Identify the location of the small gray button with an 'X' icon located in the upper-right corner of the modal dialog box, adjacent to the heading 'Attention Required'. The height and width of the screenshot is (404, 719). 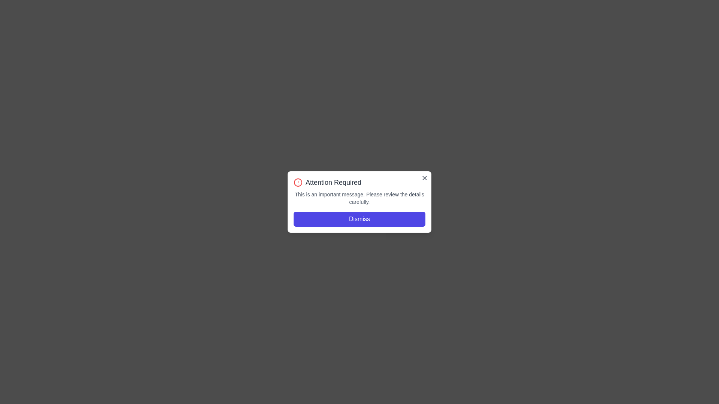
(424, 178).